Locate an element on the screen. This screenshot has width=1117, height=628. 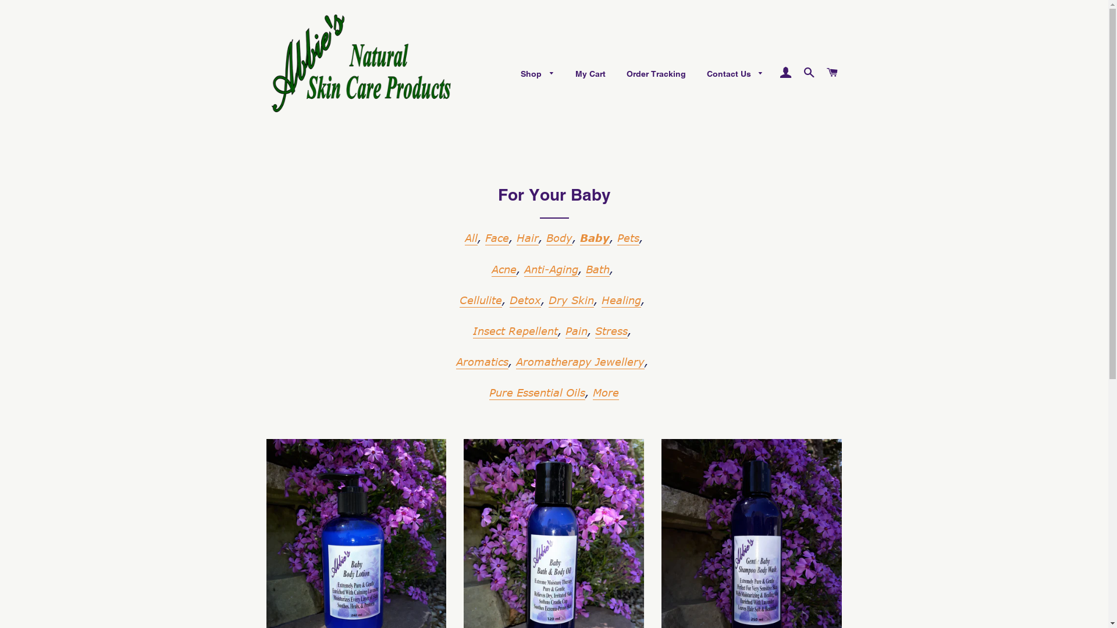
'Contact Us' is located at coordinates (734, 74).